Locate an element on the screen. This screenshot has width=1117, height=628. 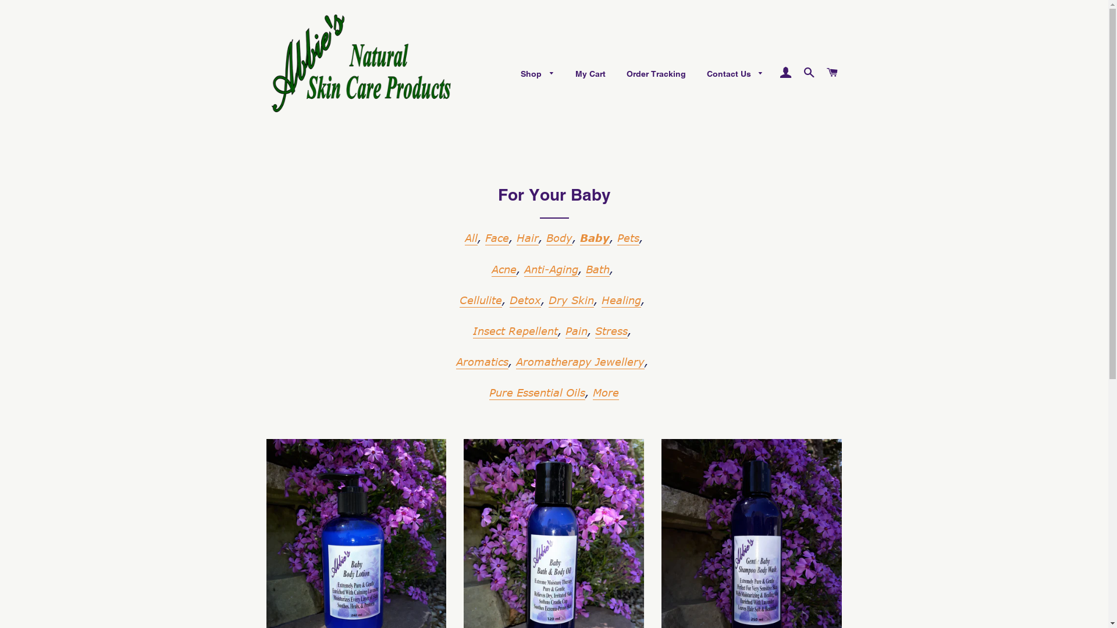
'Contact Us' is located at coordinates (734, 74).